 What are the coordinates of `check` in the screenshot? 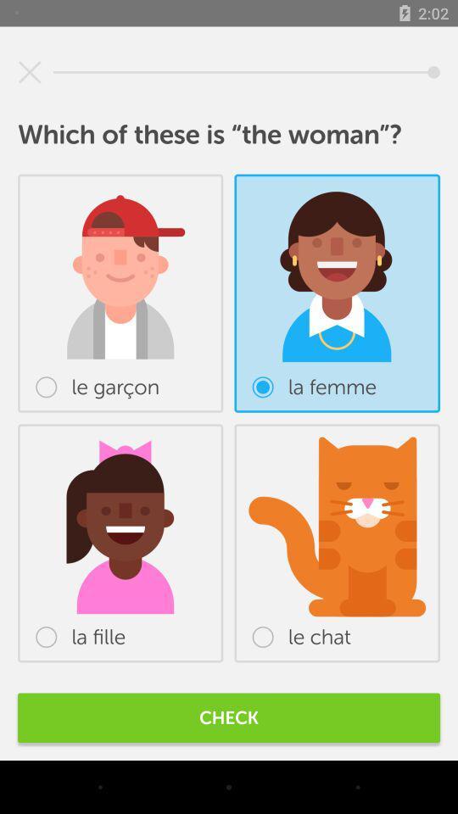 It's located at (229, 716).